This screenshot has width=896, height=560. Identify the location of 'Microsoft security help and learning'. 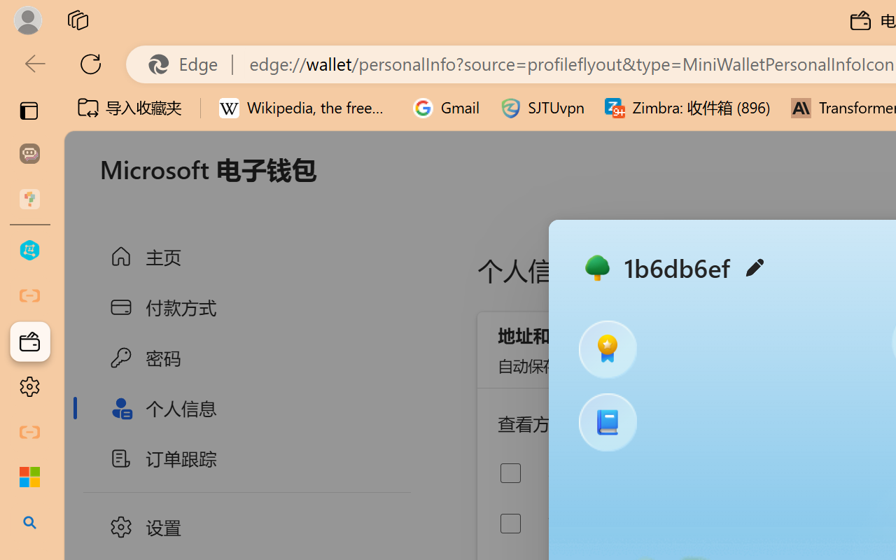
(29, 477).